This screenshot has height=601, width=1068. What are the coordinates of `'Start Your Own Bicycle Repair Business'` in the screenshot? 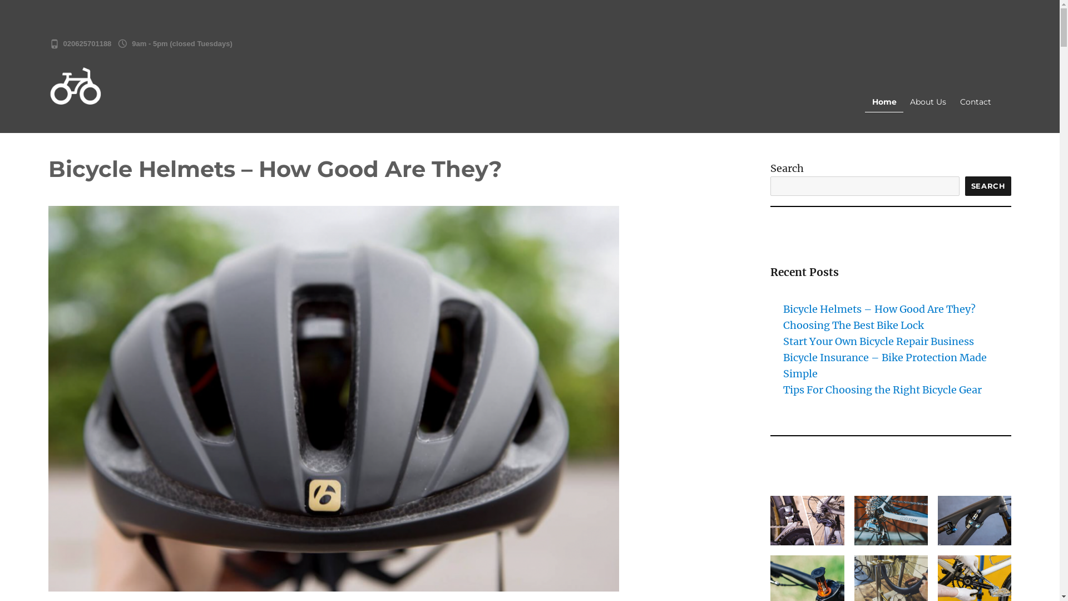 It's located at (878, 341).